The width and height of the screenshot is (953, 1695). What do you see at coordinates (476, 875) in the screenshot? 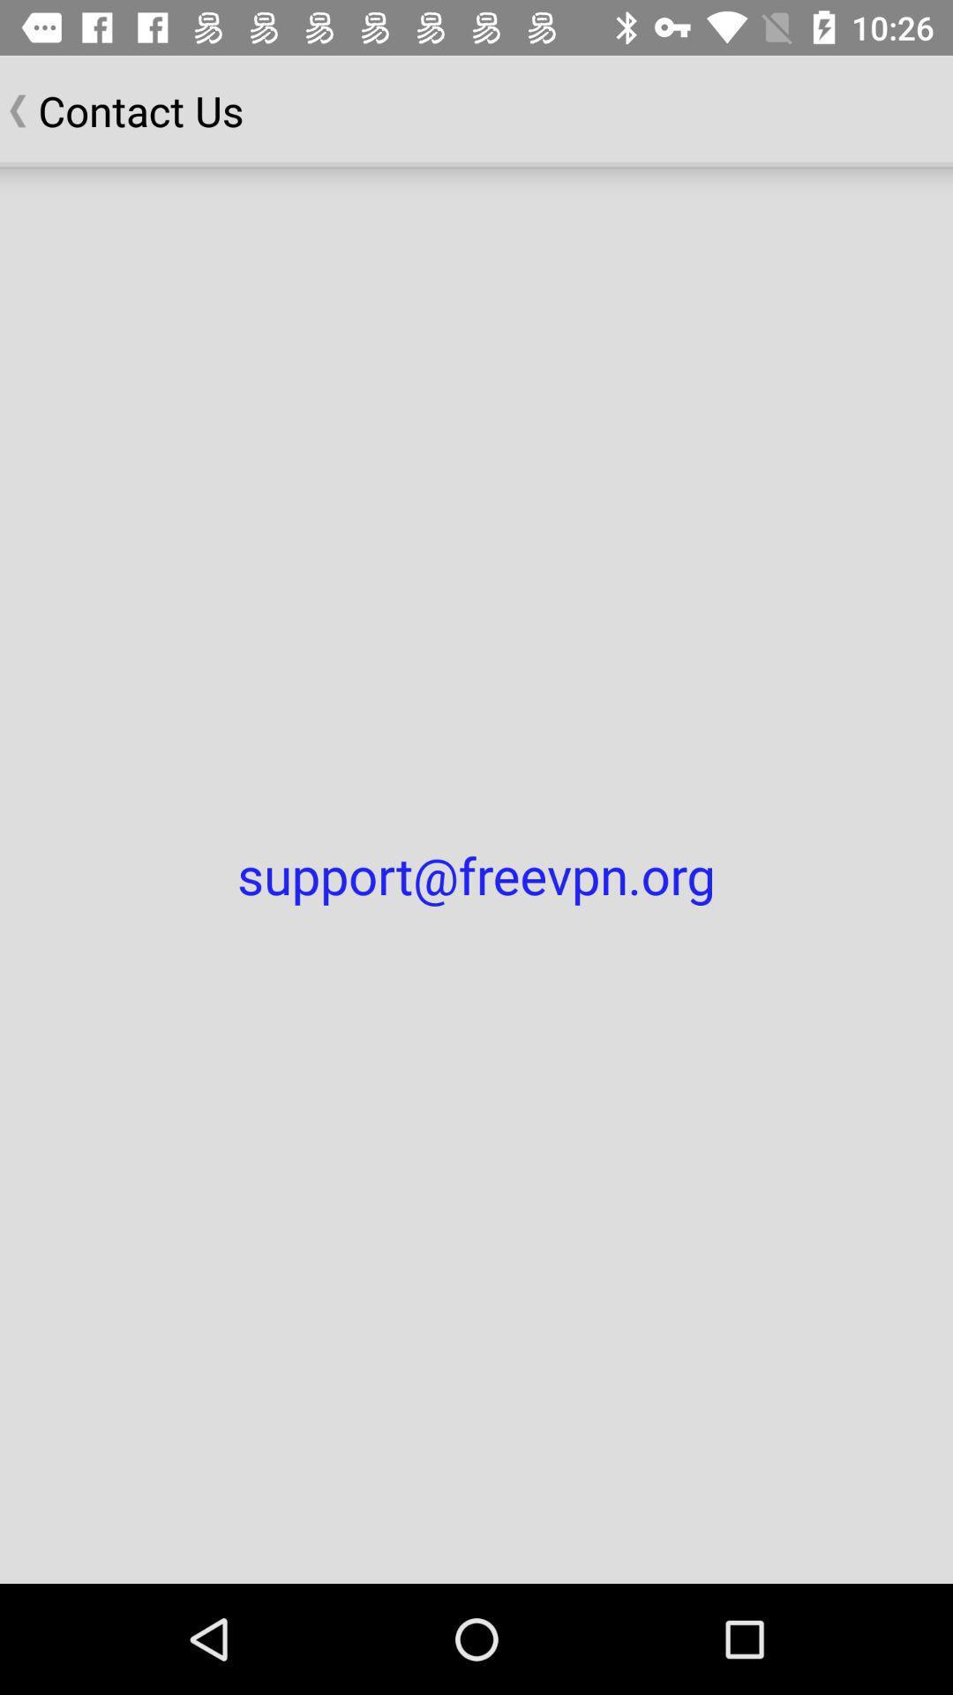
I see `the item below the contact us app` at bounding box center [476, 875].